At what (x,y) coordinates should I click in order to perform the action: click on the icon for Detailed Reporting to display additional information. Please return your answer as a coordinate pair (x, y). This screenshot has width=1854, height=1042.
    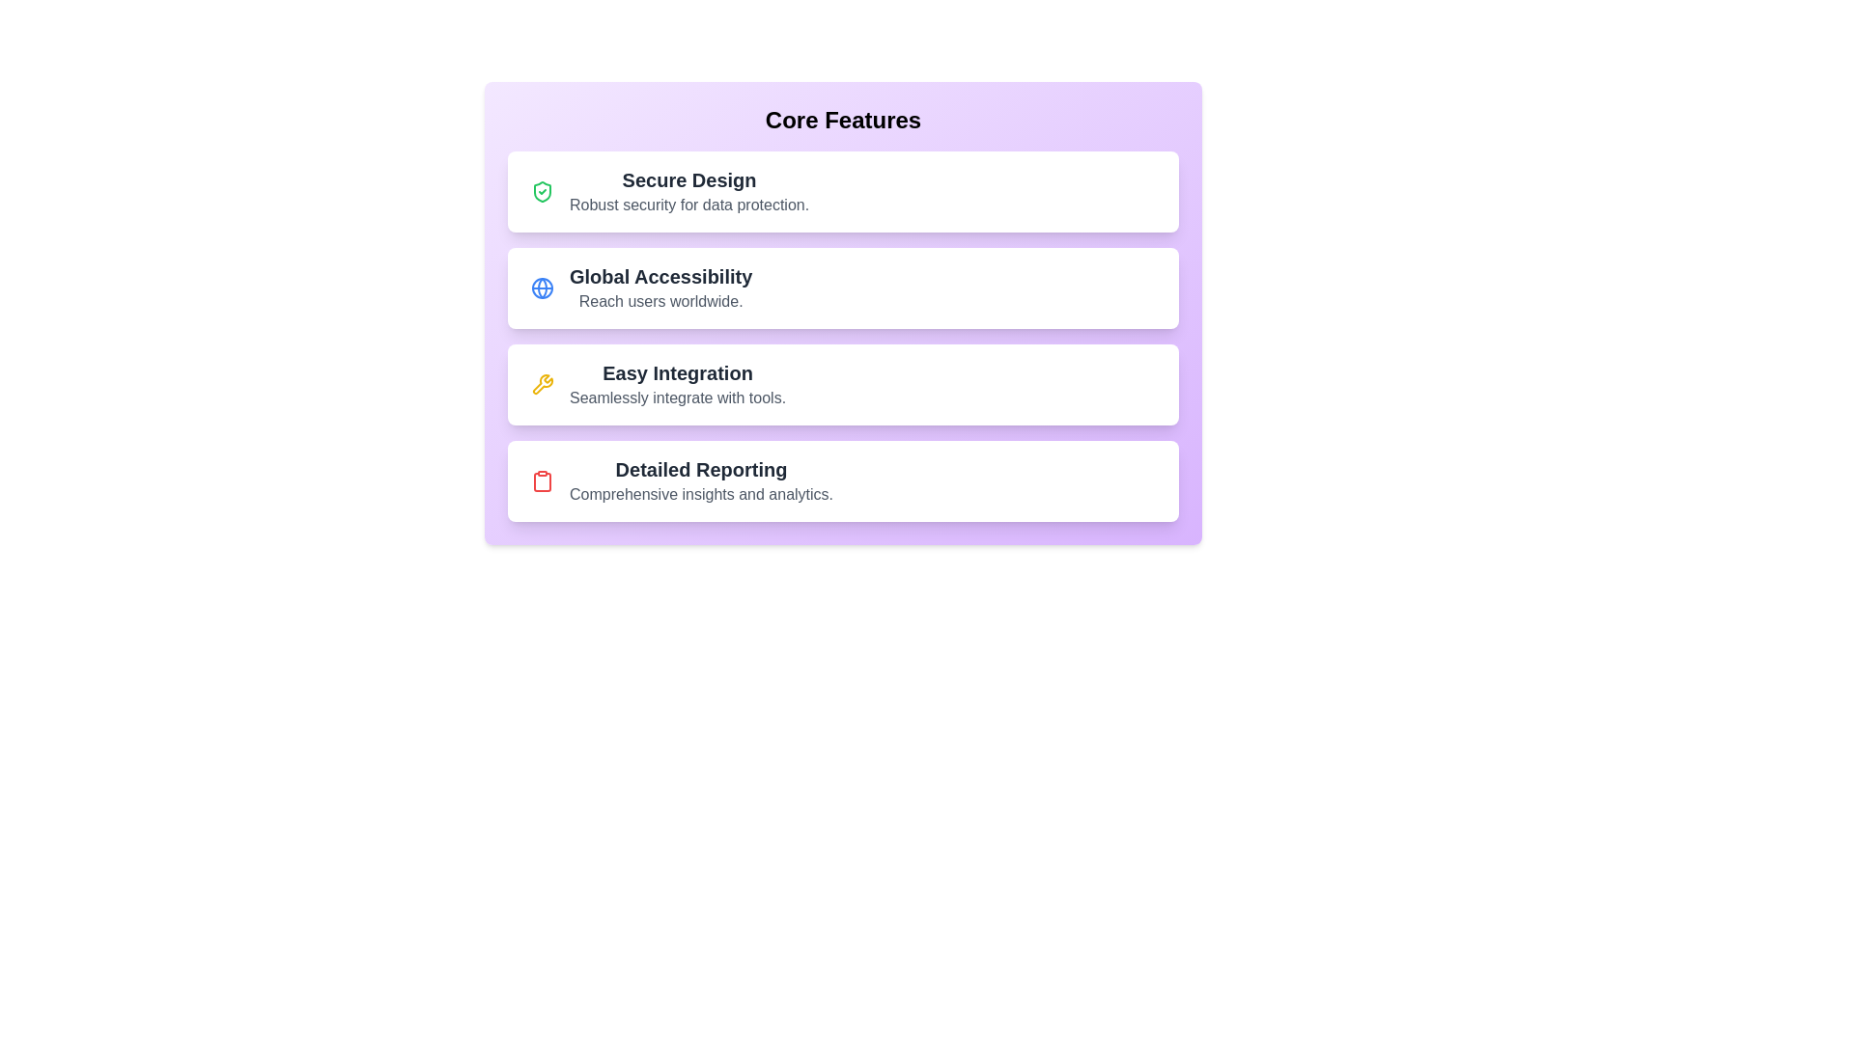
    Looking at the image, I should click on (541, 480).